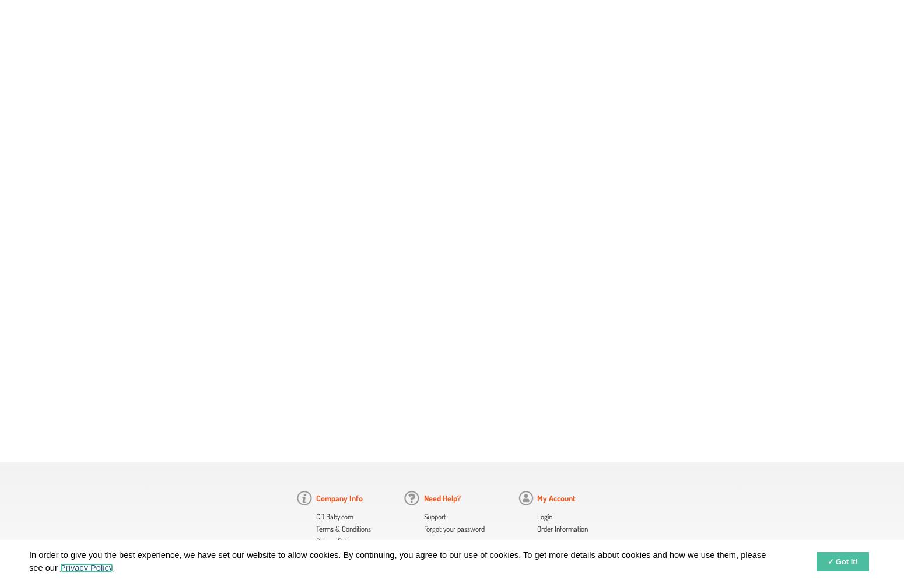 Image resolution: width=904 pixels, height=583 pixels. I want to click on 'Got it!', so click(846, 561).